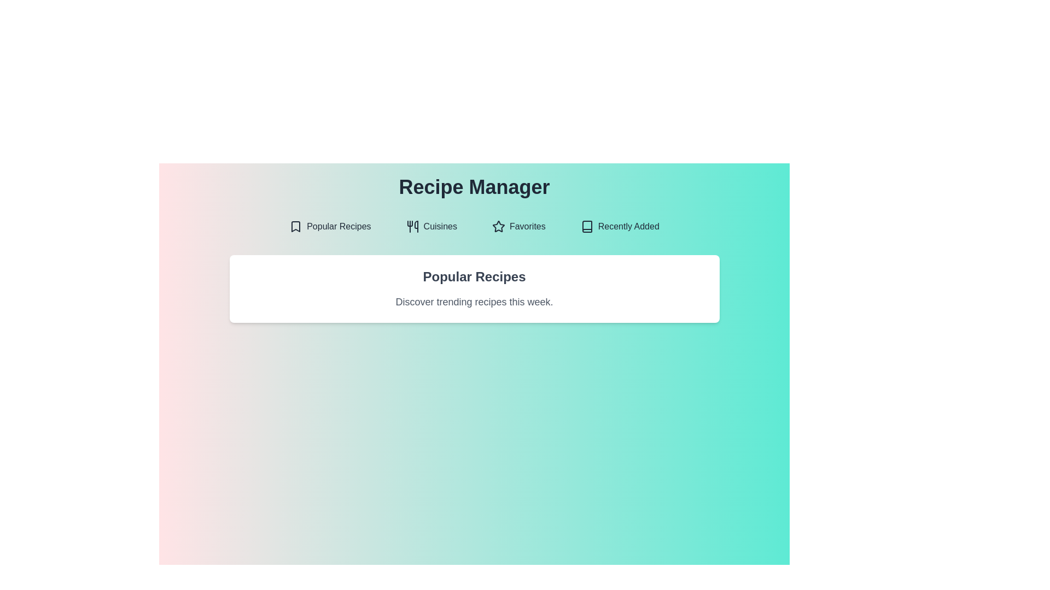 Image resolution: width=1050 pixels, height=590 pixels. Describe the element at coordinates (620, 226) in the screenshot. I see `the Recently Added tab` at that location.